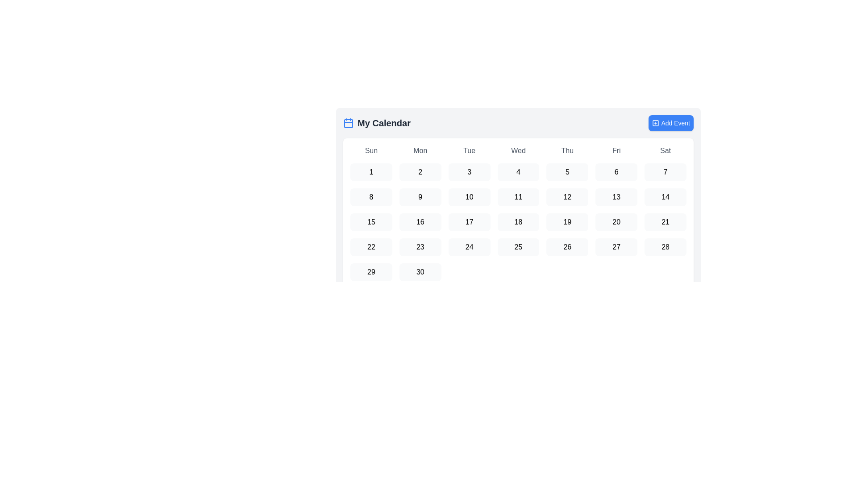 The height and width of the screenshot is (482, 857). I want to click on the Calendar Day Cell displaying the number '18', so click(518, 221).